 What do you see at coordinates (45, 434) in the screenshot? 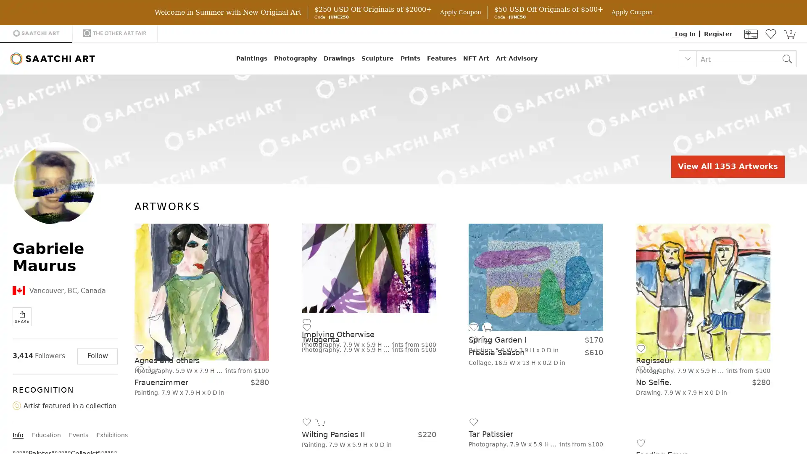
I see `Education` at bounding box center [45, 434].